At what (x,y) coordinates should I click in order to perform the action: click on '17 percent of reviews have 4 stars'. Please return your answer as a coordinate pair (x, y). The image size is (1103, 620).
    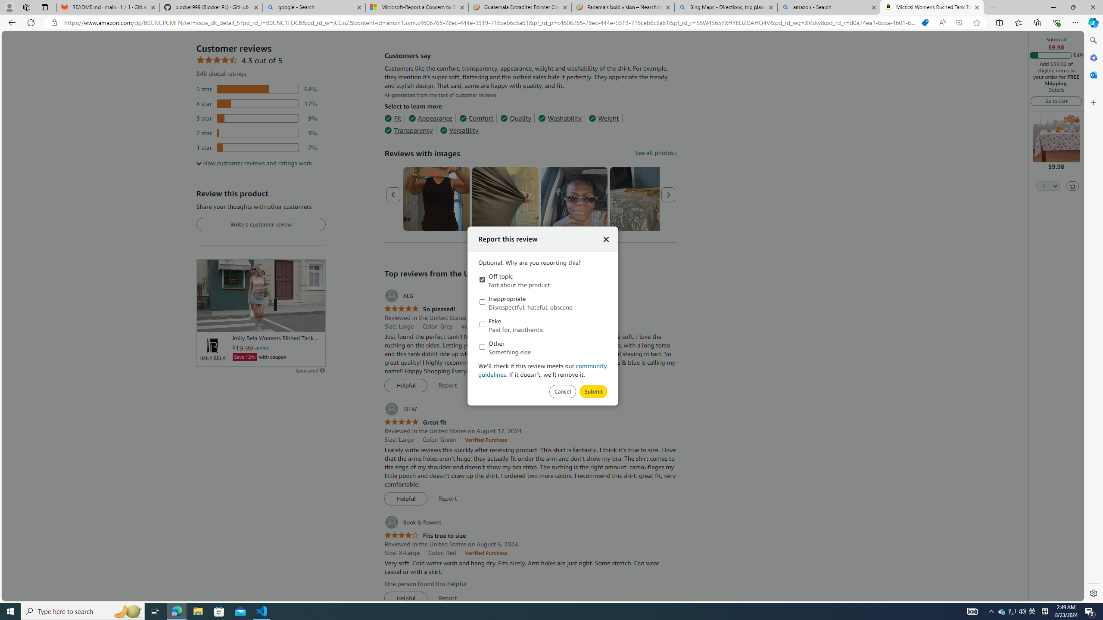
    Looking at the image, I should click on (256, 104).